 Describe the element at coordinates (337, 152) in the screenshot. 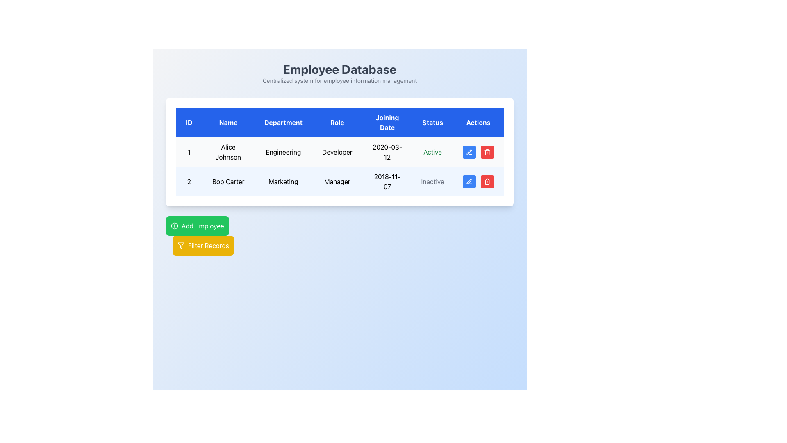

I see `the Static Text Label displaying the user's role designation 'Developer', located in the fourth column of the first row of the employee information table` at that location.